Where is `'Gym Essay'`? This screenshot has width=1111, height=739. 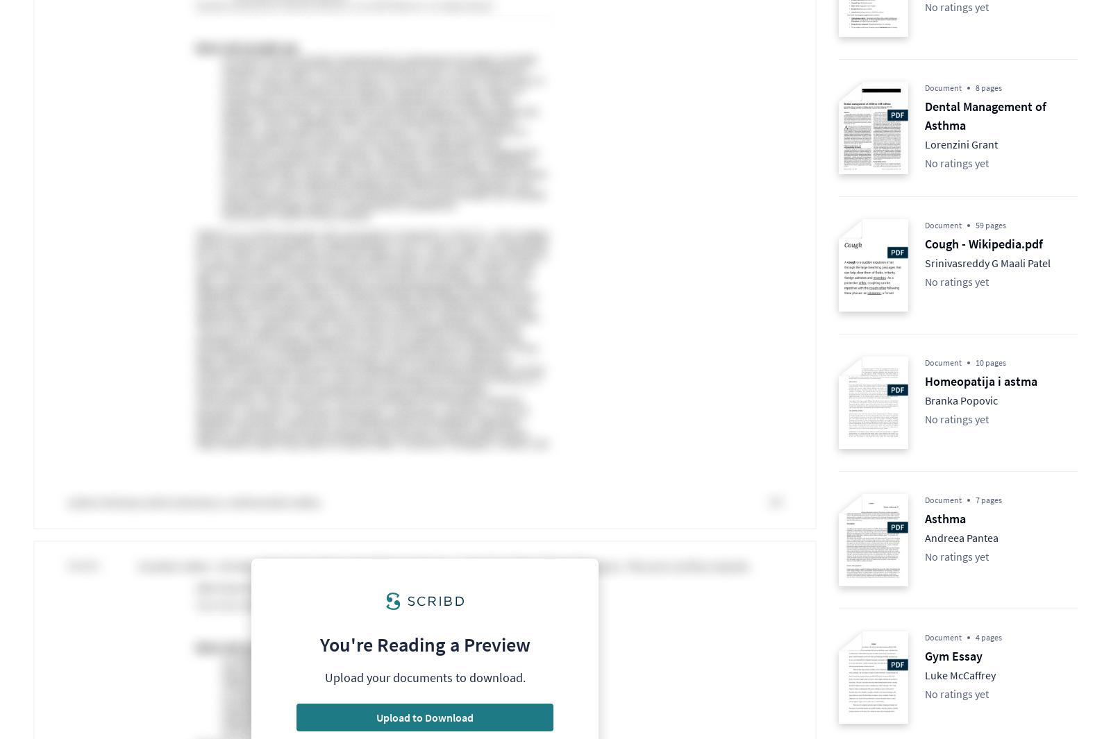 'Gym Essay' is located at coordinates (953, 656).